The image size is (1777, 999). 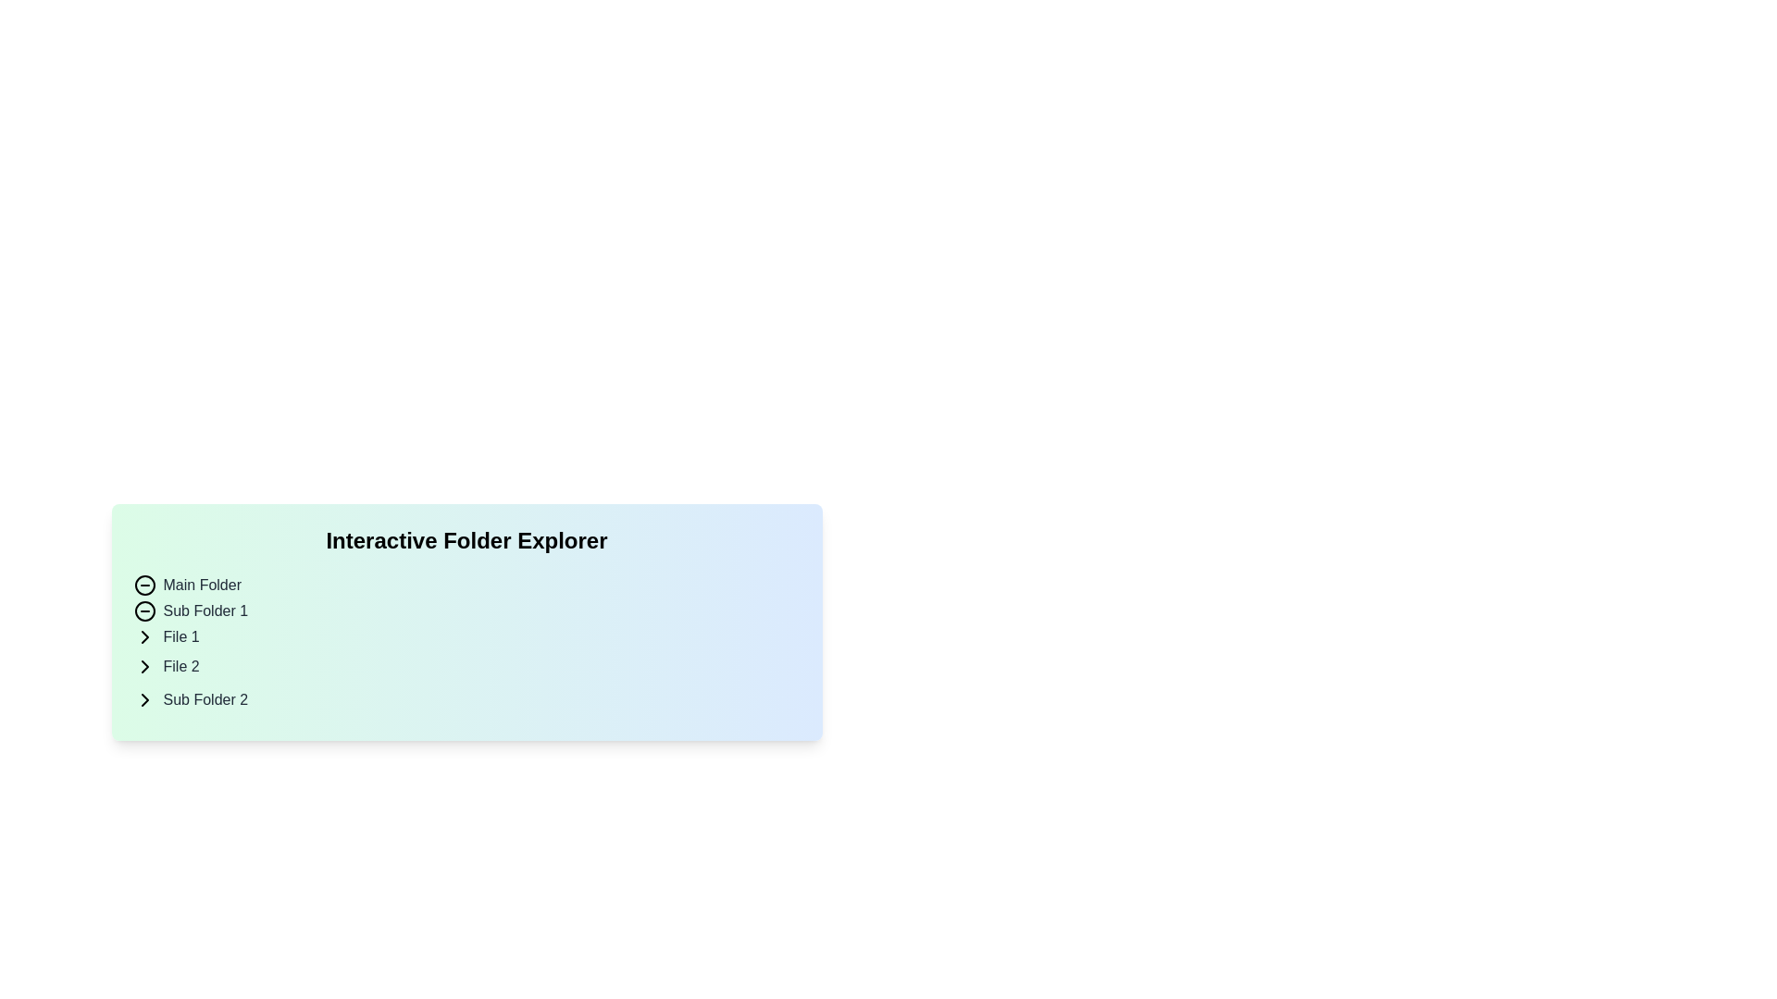 What do you see at coordinates (143, 699) in the screenshot?
I see `the collapsible toggle button next to the 'Sub Folder 2' label` at bounding box center [143, 699].